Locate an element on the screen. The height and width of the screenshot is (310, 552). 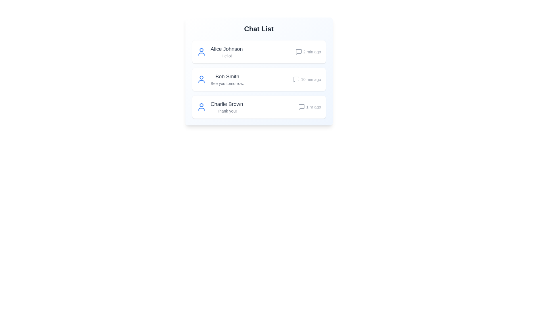
the user icon for Alice Johnson to inspect its functionality is located at coordinates (201, 52).